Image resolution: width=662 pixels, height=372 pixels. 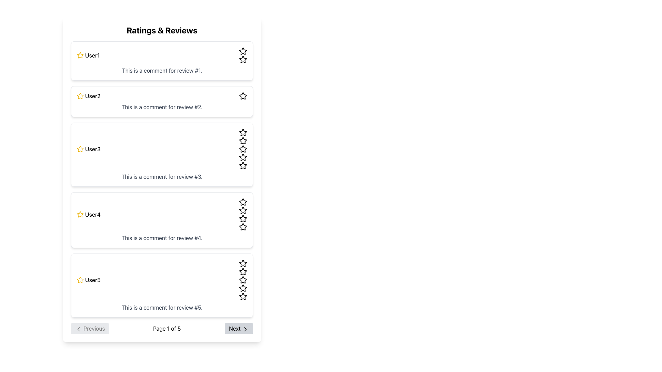 I want to click on the first star icon in the third row of ratings for 'User3', which is styled with a black outline and a white fill, so click(x=243, y=133).